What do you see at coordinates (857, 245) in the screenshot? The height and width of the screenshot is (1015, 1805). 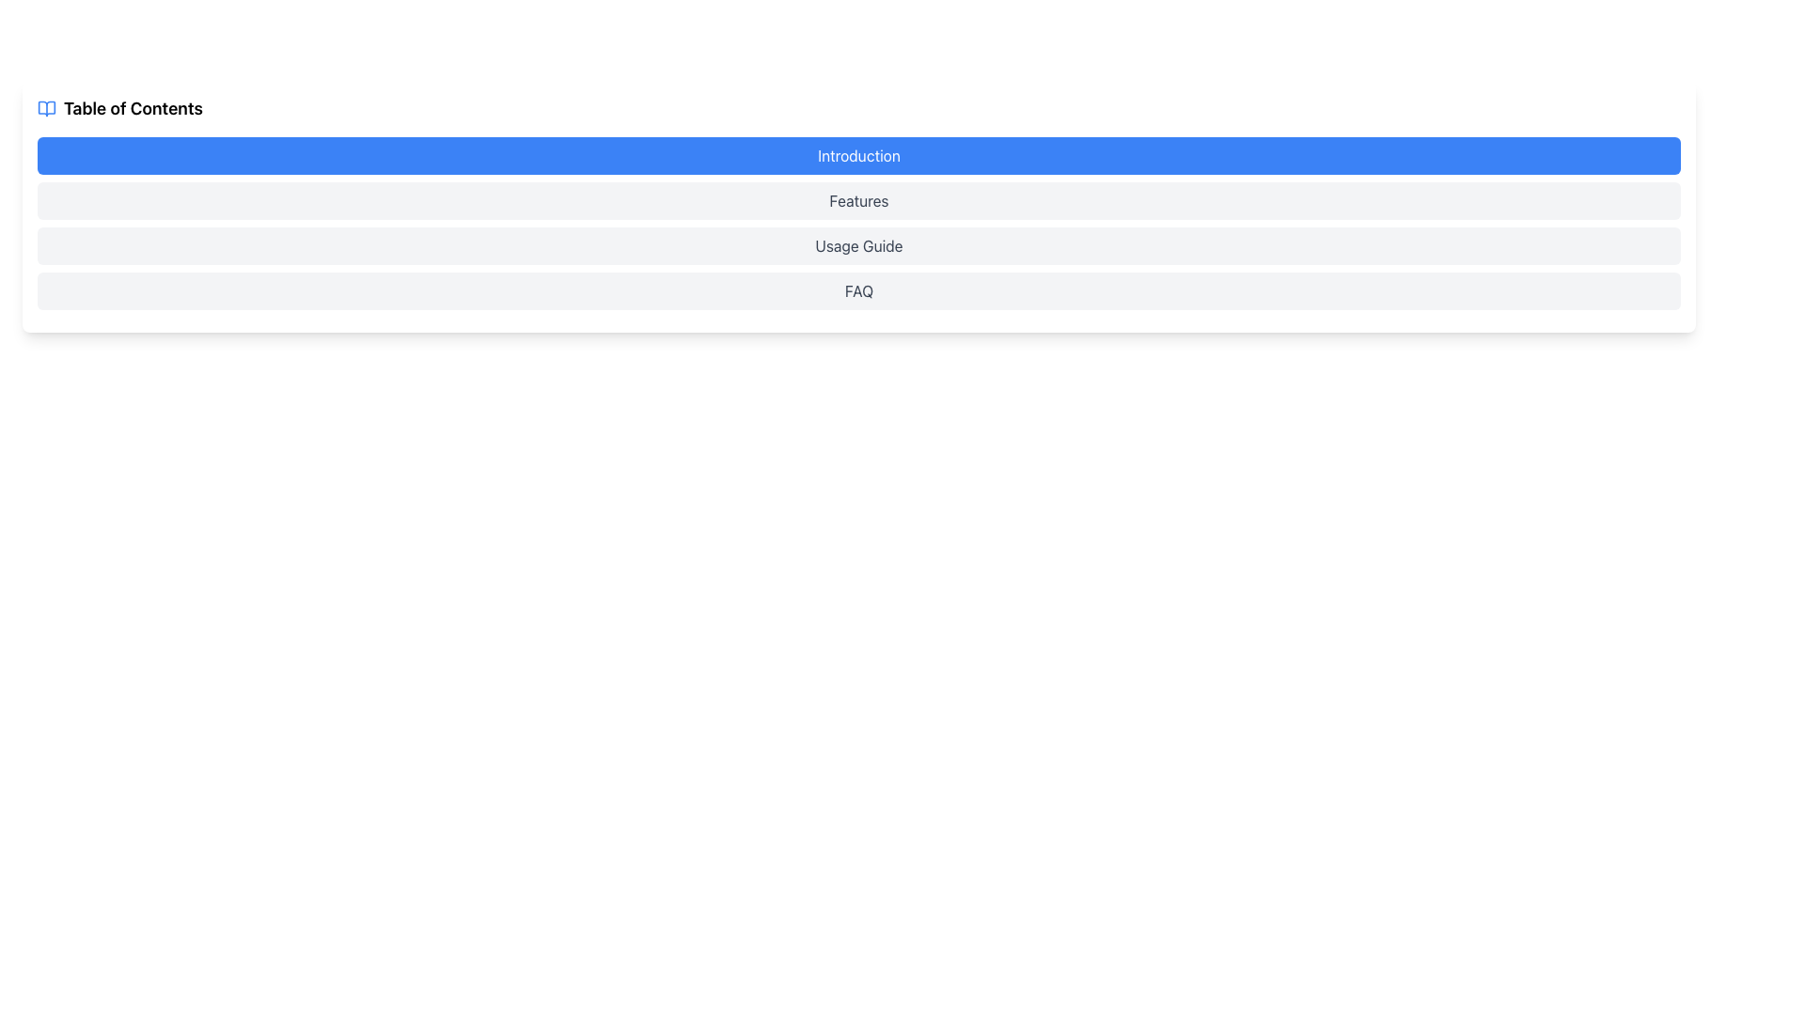 I see `the hyperlink labeled 'Usage Guide' located in the 'Table of Contents' section, which is the third item in the list` at bounding box center [857, 245].